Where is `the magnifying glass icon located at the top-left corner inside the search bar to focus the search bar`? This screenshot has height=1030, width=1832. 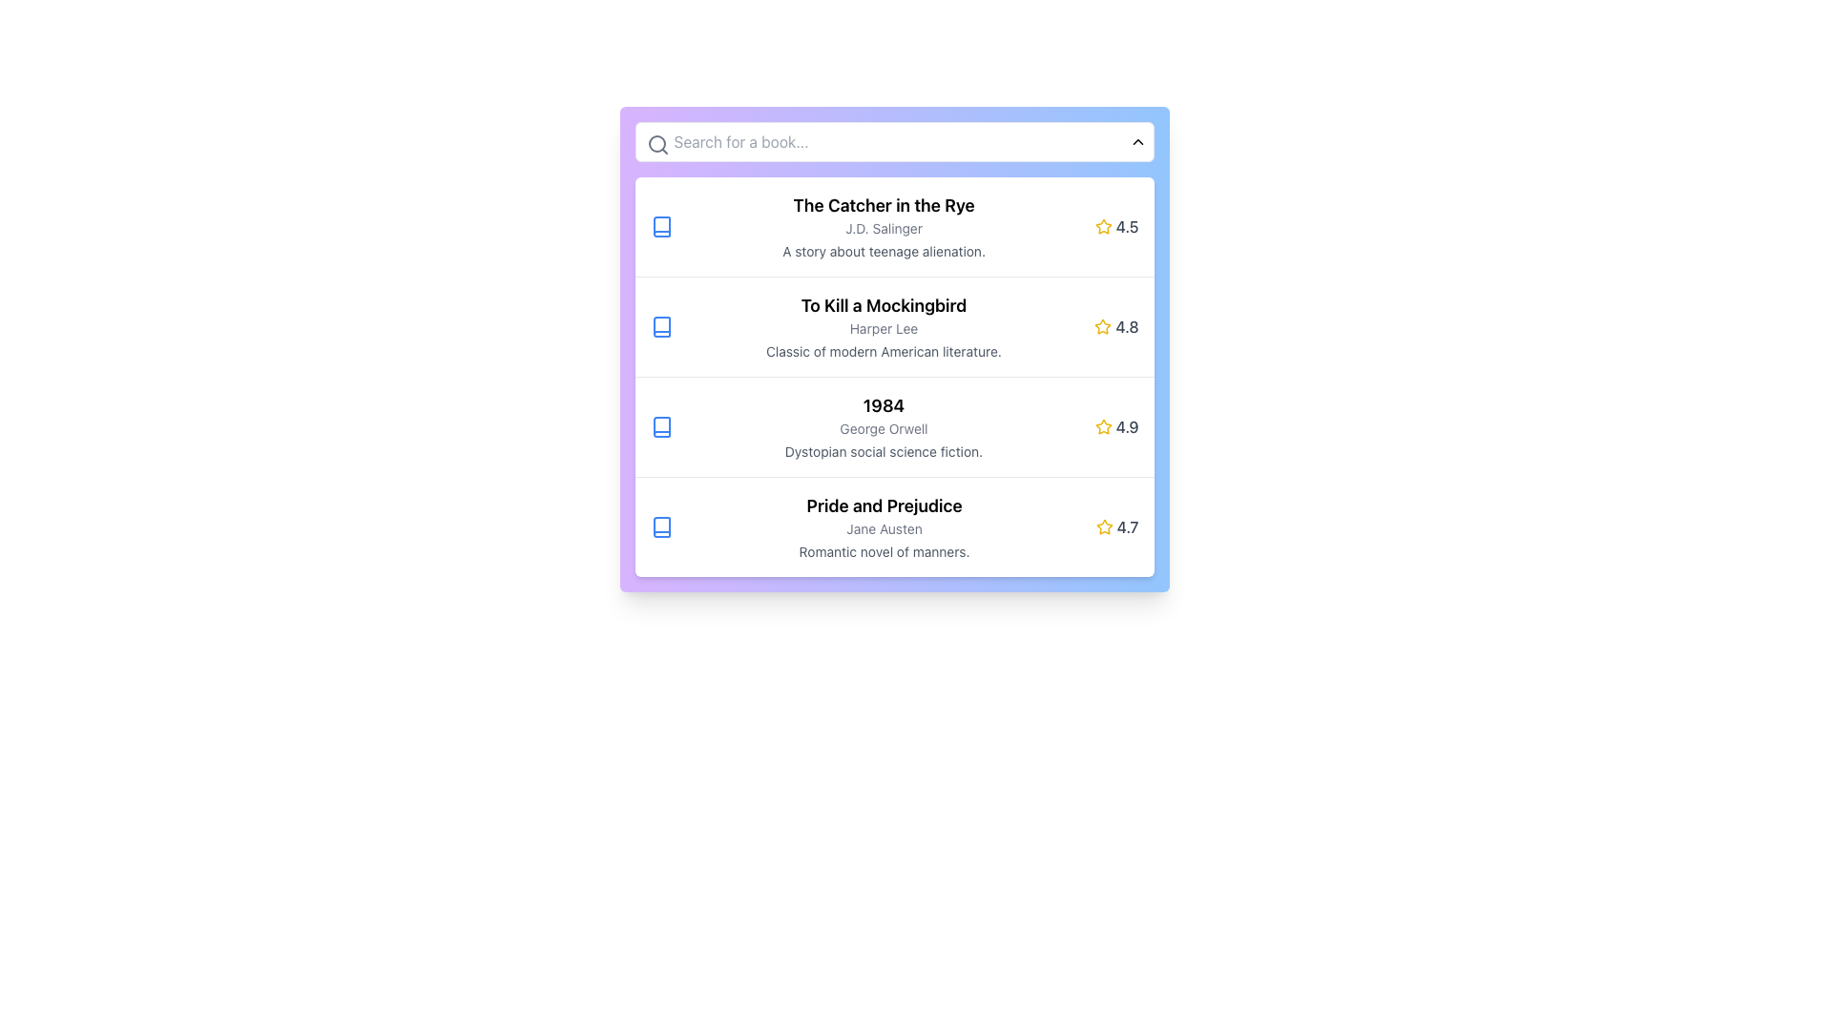
the magnifying glass icon located at the top-left corner inside the search bar to focus the search bar is located at coordinates (657, 143).